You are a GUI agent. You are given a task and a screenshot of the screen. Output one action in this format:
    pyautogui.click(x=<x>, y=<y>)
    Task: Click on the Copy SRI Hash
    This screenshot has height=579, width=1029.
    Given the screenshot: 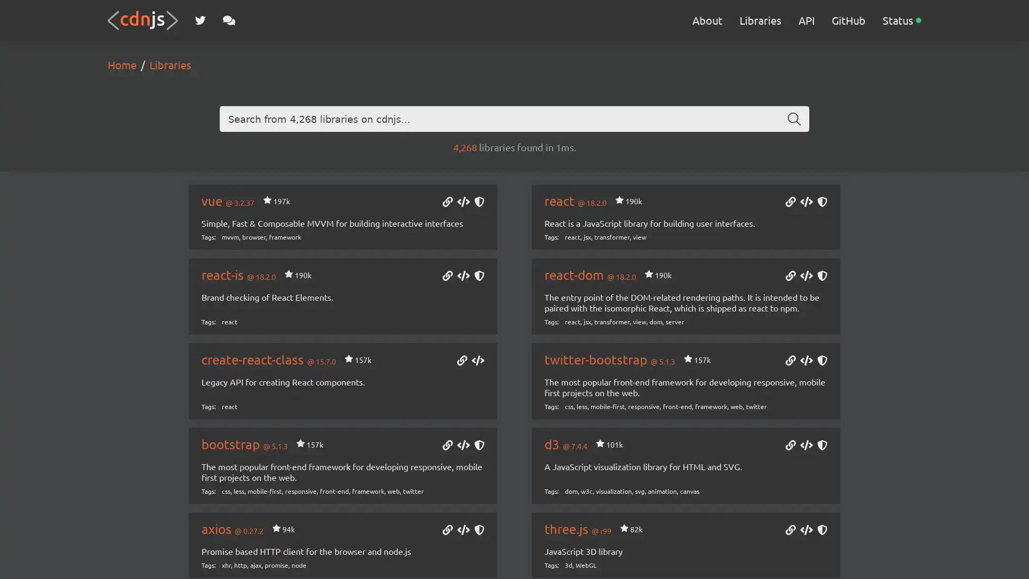 What is the action you would take?
    pyautogui.click(x=822, y=446)
    